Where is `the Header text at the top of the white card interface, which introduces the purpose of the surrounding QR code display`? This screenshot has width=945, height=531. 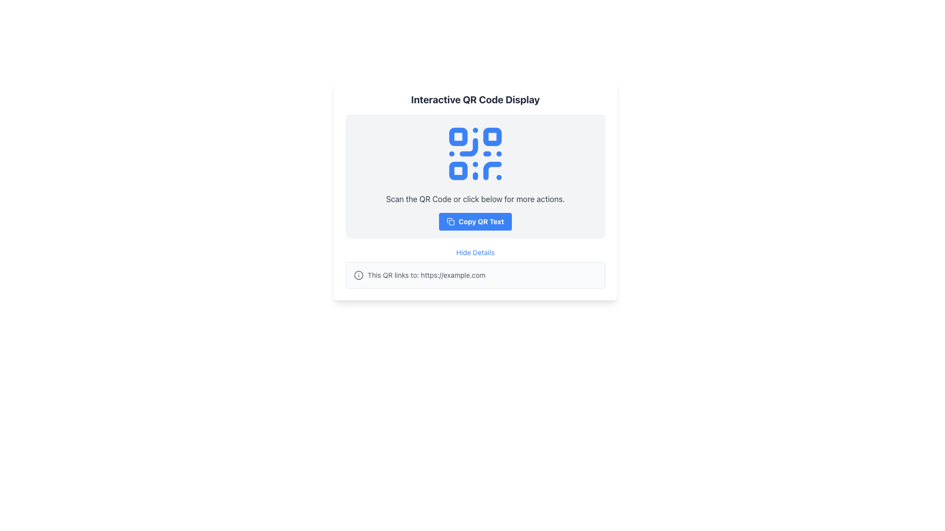 the Header text at the top of the white card interface, which introduces the purpose of the surrounding QR code display is located at coordinates (475, 100).